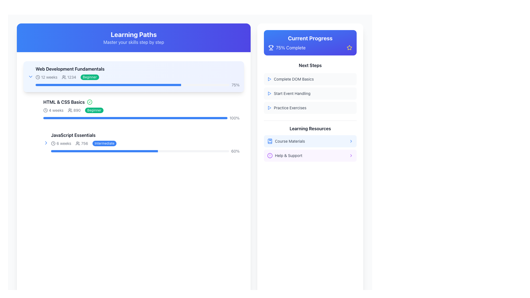  Describe the element at coordinates (293, 79) in the screenshot. I see `the Text Label that serves as a step description in the 'Next Steps' section of the 'Current Progress' panel, located to the right of the blue-colored play icon` at that location.